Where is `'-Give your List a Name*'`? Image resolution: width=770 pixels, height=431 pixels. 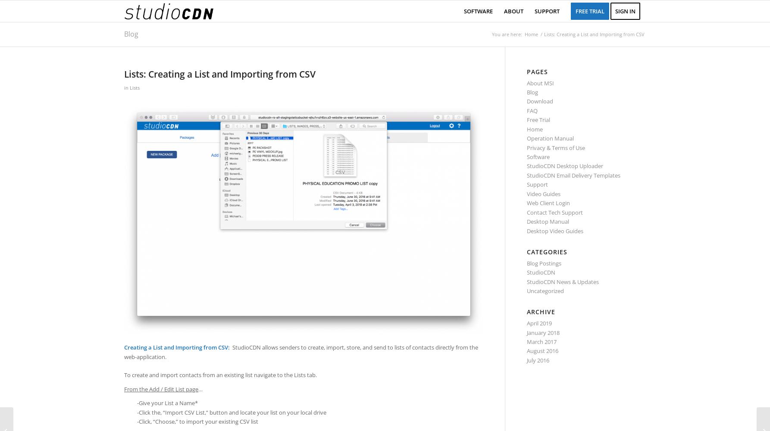 '-Give your List a Name*' is located at coordinates (167, 403).